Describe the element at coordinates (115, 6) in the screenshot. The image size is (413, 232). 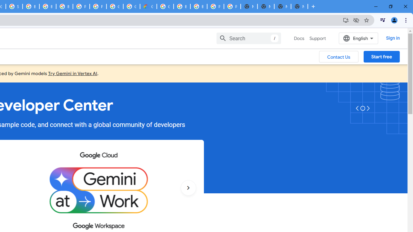
I see `'Google Cloud Platform'` at that location.